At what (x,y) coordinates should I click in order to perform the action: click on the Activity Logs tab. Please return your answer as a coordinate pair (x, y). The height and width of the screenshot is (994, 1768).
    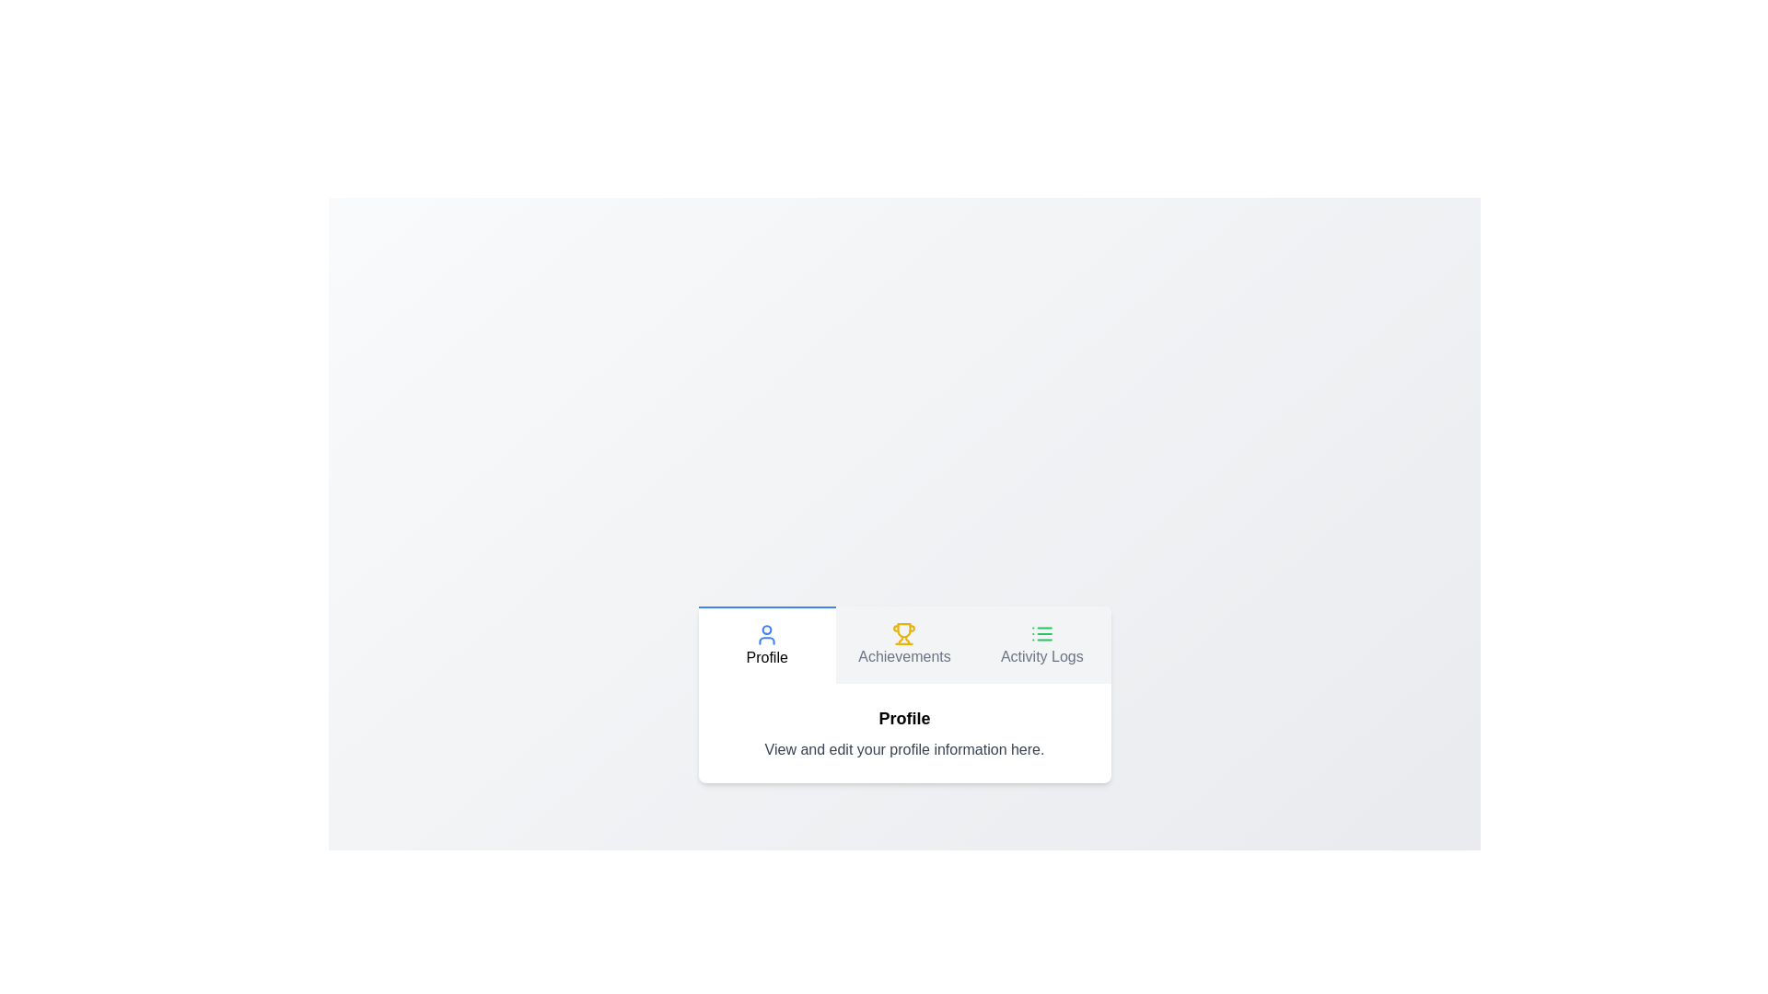
    Looking at the image, I should click on (1041, 644).